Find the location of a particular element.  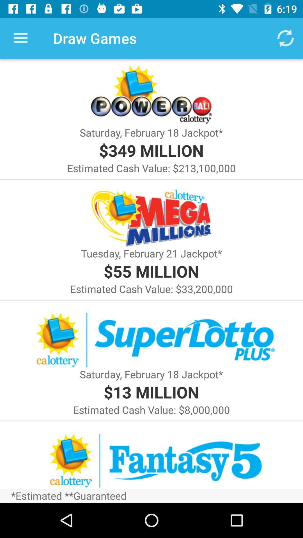

the icon to the right of draw games is located at coordinates (285, 38).